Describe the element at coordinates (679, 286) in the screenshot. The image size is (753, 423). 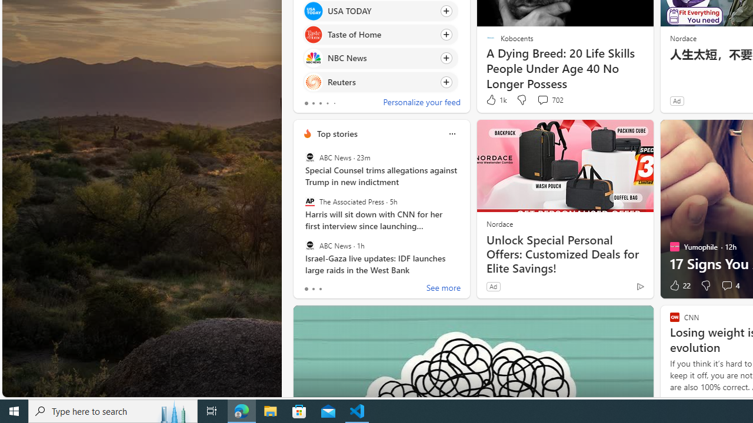
I see `'22 Like'` at that location.